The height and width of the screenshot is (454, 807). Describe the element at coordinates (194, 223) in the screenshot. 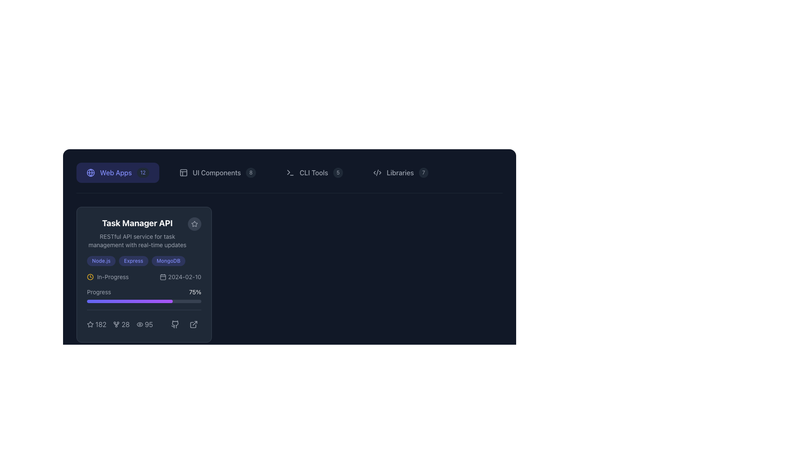

I see `the button with an icon located at the top-right corner of the 'Task Manager API' block` at that location.